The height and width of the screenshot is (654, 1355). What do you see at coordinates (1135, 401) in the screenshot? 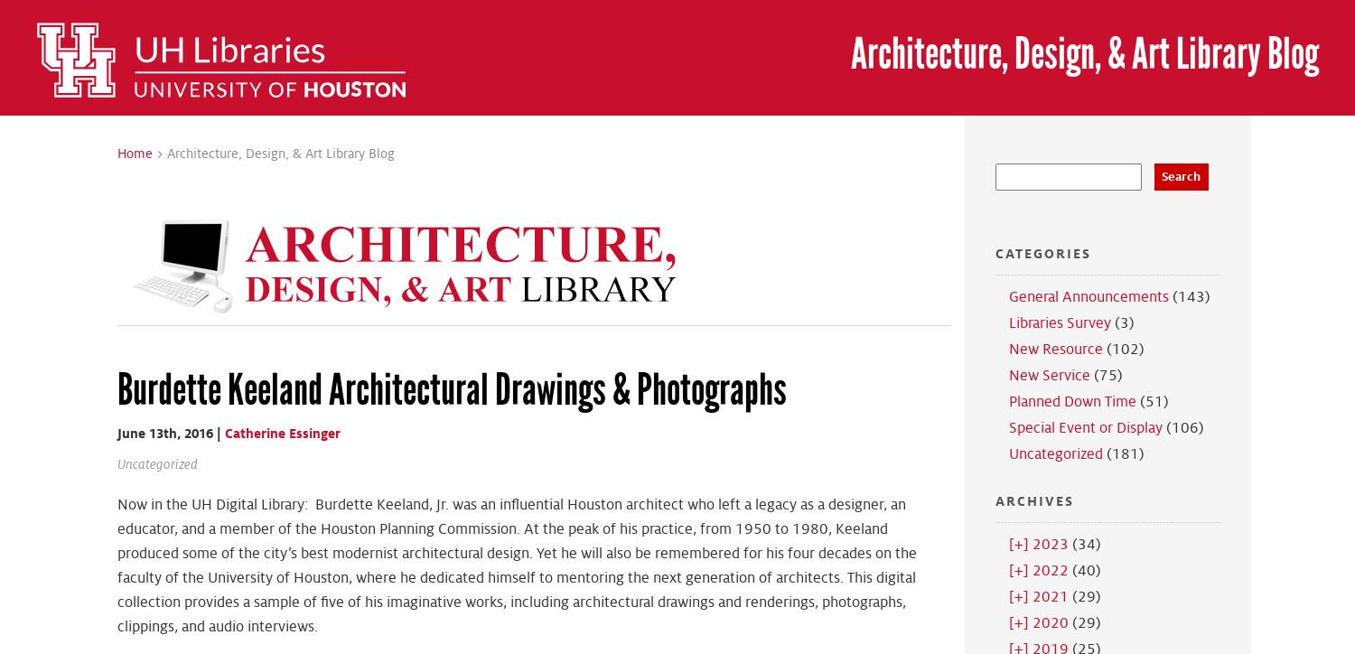
I see `'(51)'` at bounding box center [1135, 401].